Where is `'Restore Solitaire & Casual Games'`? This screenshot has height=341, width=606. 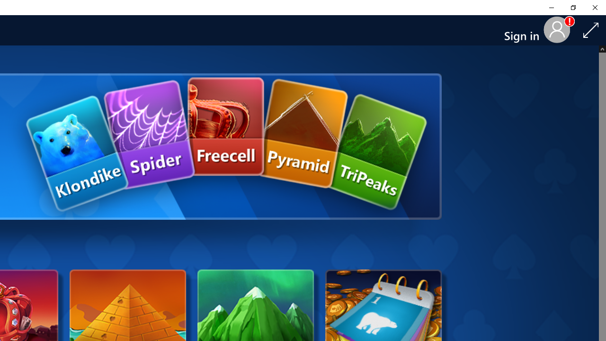 'Restore Solitaire & Casual Games' is located at coordinates (572, 7).